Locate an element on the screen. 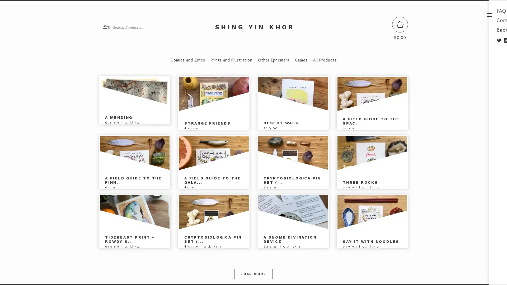  GO is located at coordinates (157, 27).